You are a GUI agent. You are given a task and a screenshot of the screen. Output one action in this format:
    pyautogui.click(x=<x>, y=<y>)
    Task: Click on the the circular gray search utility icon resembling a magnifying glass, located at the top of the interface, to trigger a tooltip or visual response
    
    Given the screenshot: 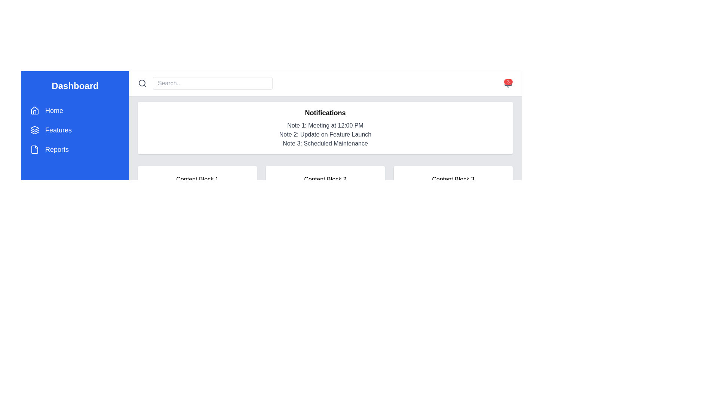 What is the action you would take?
    pyautogui.click(x=142, y=83)
    